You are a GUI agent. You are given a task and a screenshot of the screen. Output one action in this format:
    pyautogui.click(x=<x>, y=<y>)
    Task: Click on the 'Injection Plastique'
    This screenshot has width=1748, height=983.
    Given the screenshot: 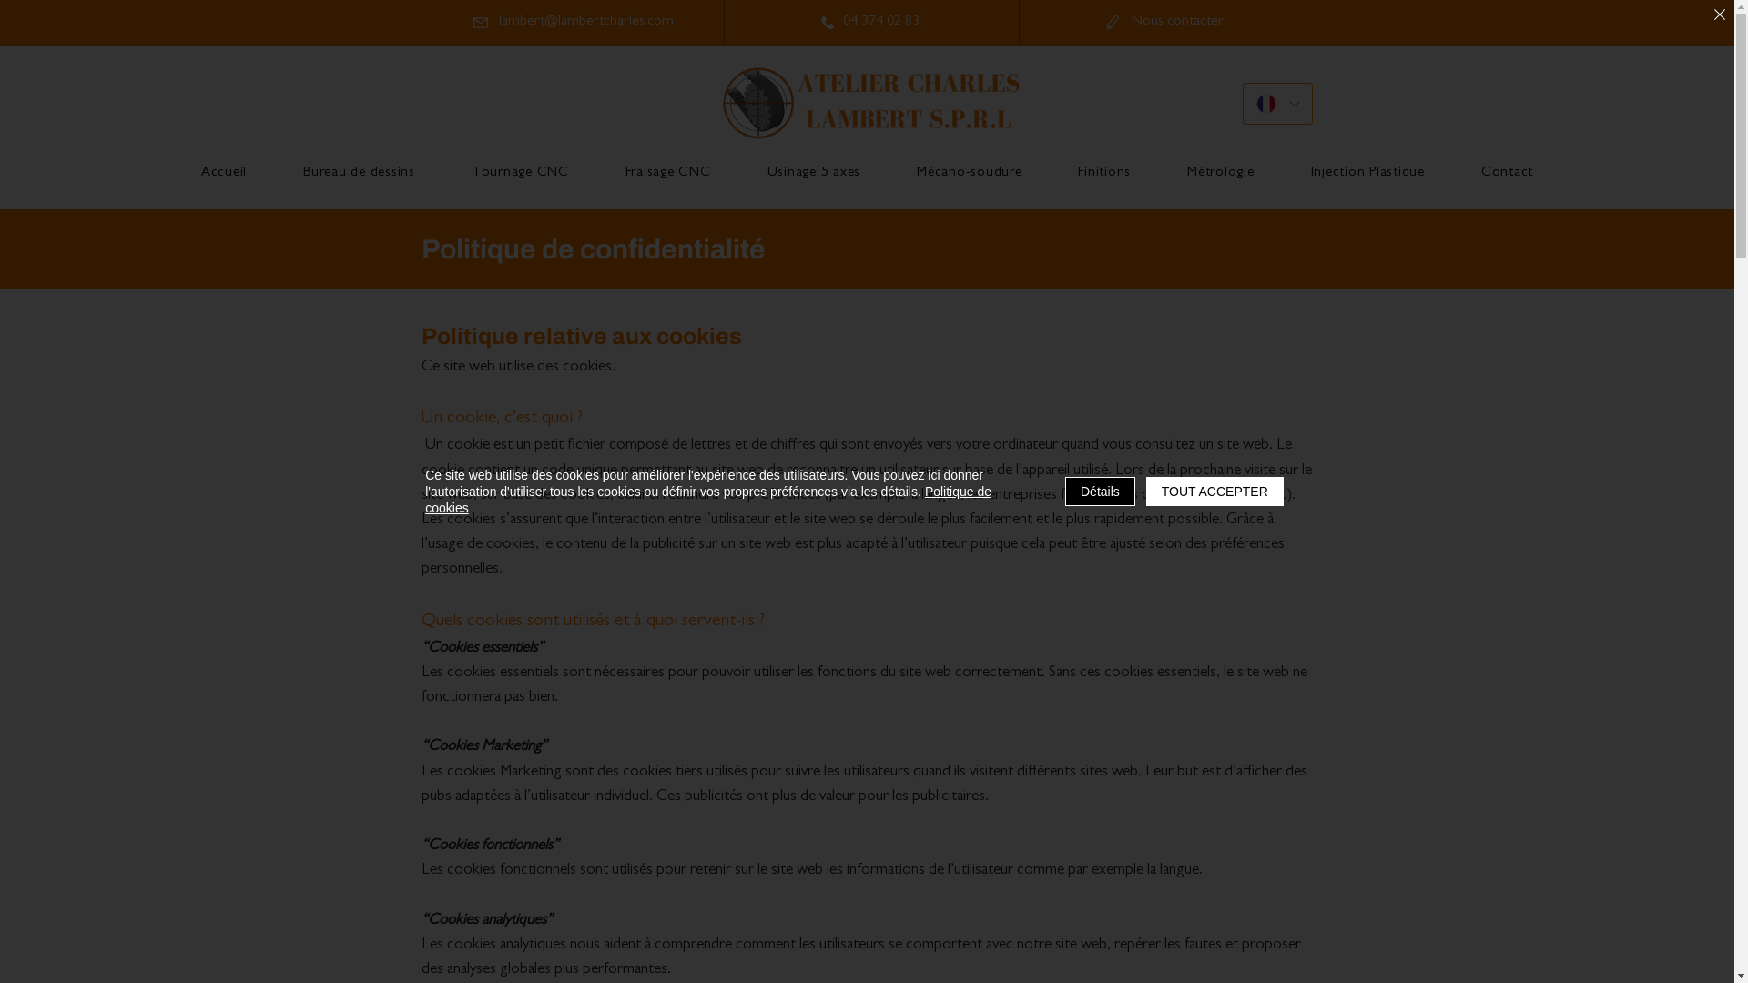 What is the action you would take?
    pyautogui.click(x=1367, y=174)
    